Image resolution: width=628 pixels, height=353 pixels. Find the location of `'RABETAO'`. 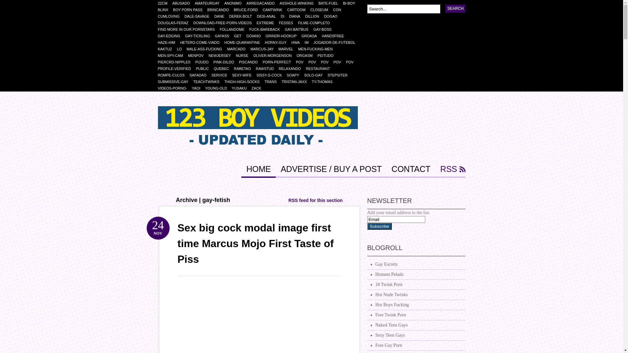

'RABETAO' is located at coordinates (244, 68).